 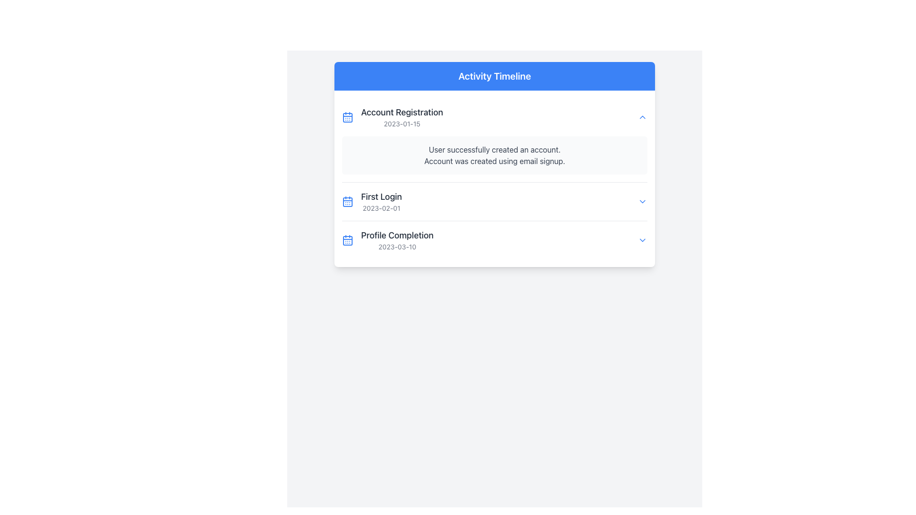 What do you see at coordinates (397, 240) in the screenshot?
I see `text of the third timeline entry that indicates the profile completion on '2023-03-10', which is located under 'First Login'` at bounding box center [397, 240].